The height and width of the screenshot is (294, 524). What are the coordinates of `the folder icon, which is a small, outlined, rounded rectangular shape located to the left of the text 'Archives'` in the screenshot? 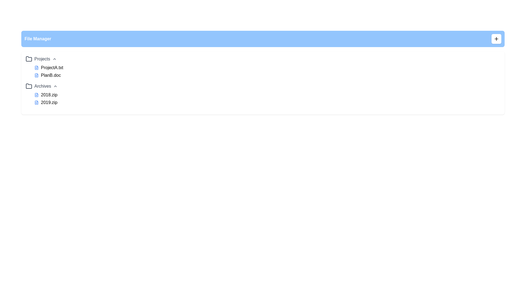 It's located at (28, 86).